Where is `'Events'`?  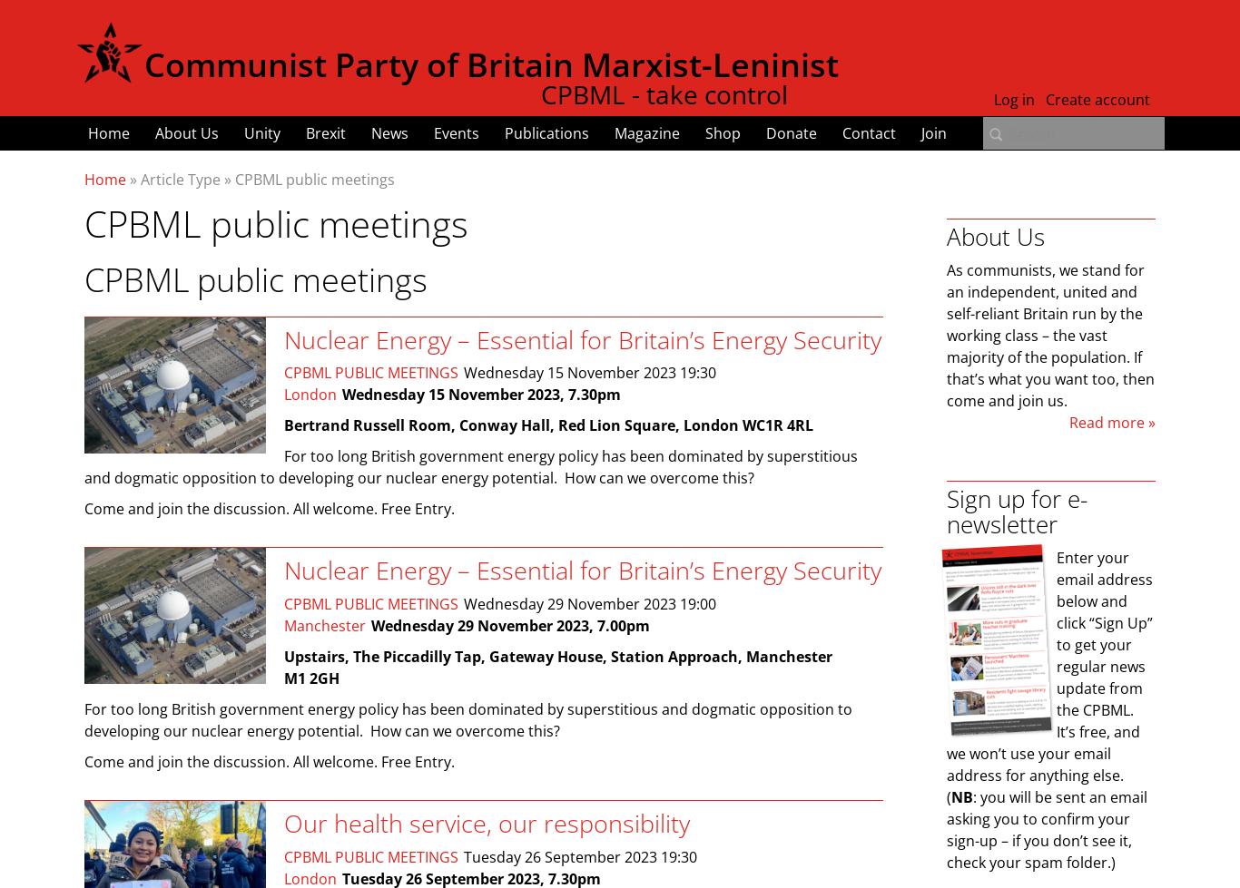 'Events' is located at coordinates (456, 133).